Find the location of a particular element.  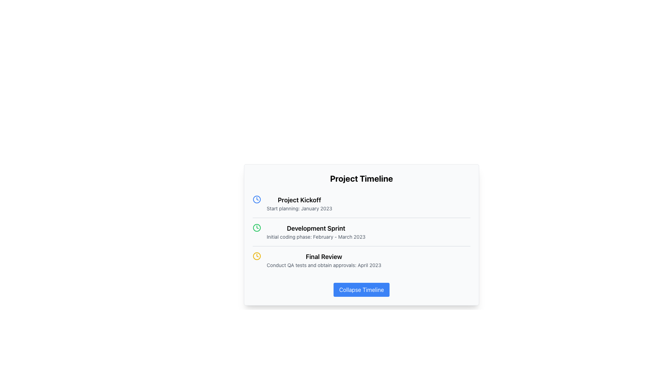

text content of the Text Display Component that shows information about the first project milestone, including its title and starting date is located at coordinates (299, 204).